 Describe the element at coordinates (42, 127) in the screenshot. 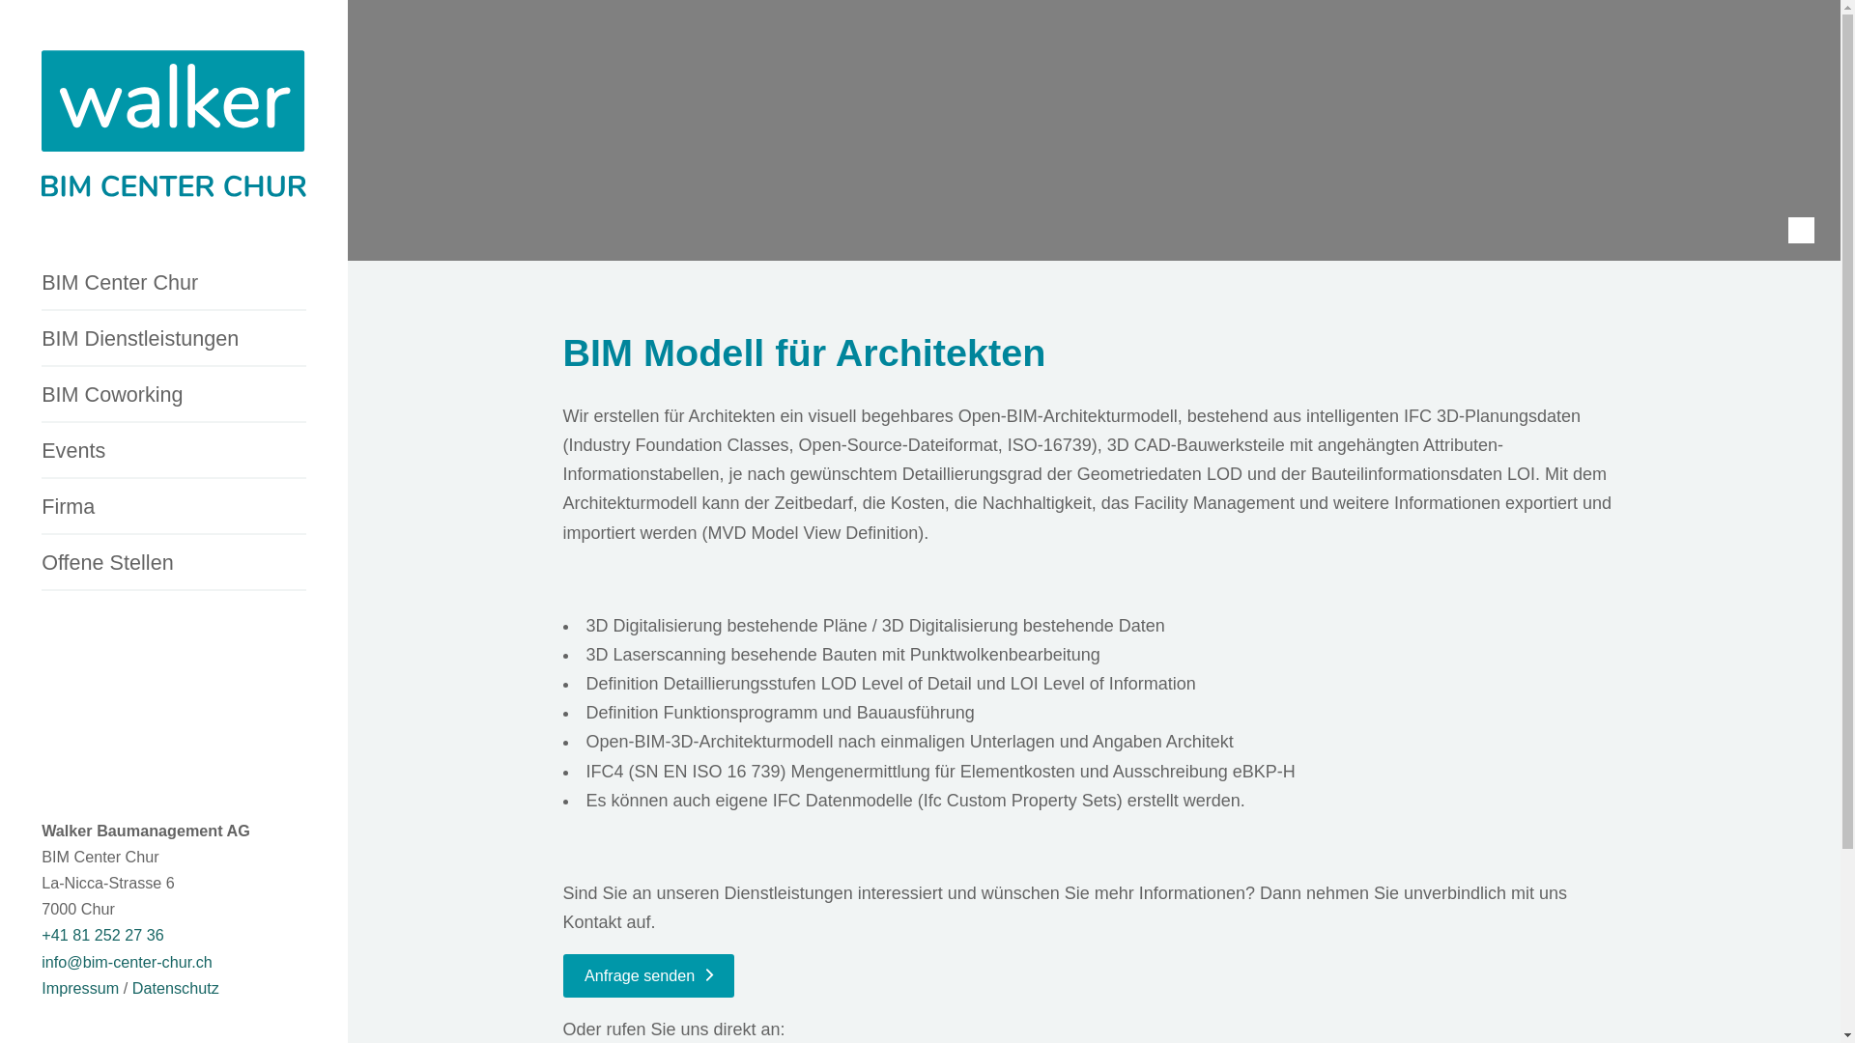

I see `'zur Startseite'` at that location.